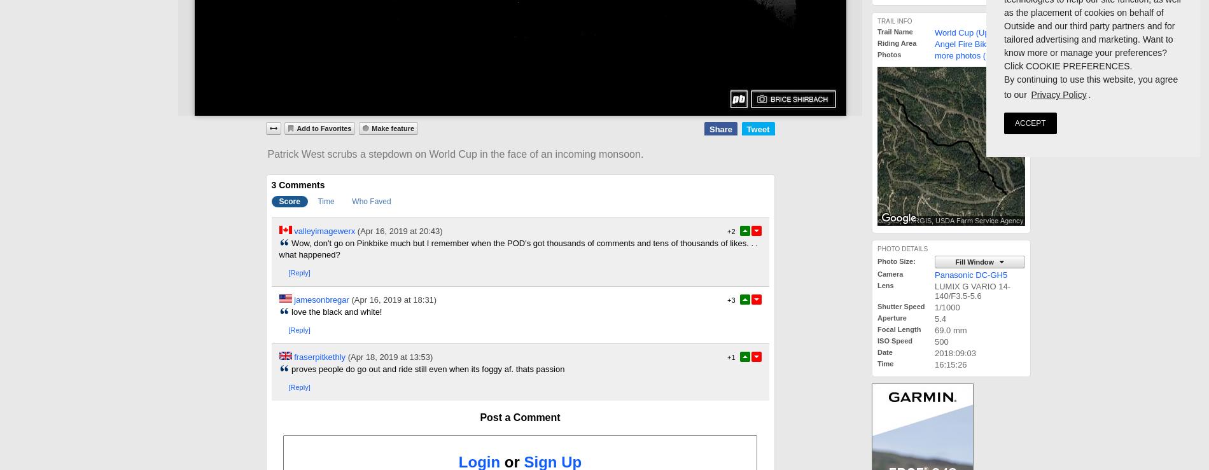 The width and height of the screenshot is (1209, 470). Describe the element at coordinates (966, 55) in the screenshot. I see `'more photos (14)'` at that location.